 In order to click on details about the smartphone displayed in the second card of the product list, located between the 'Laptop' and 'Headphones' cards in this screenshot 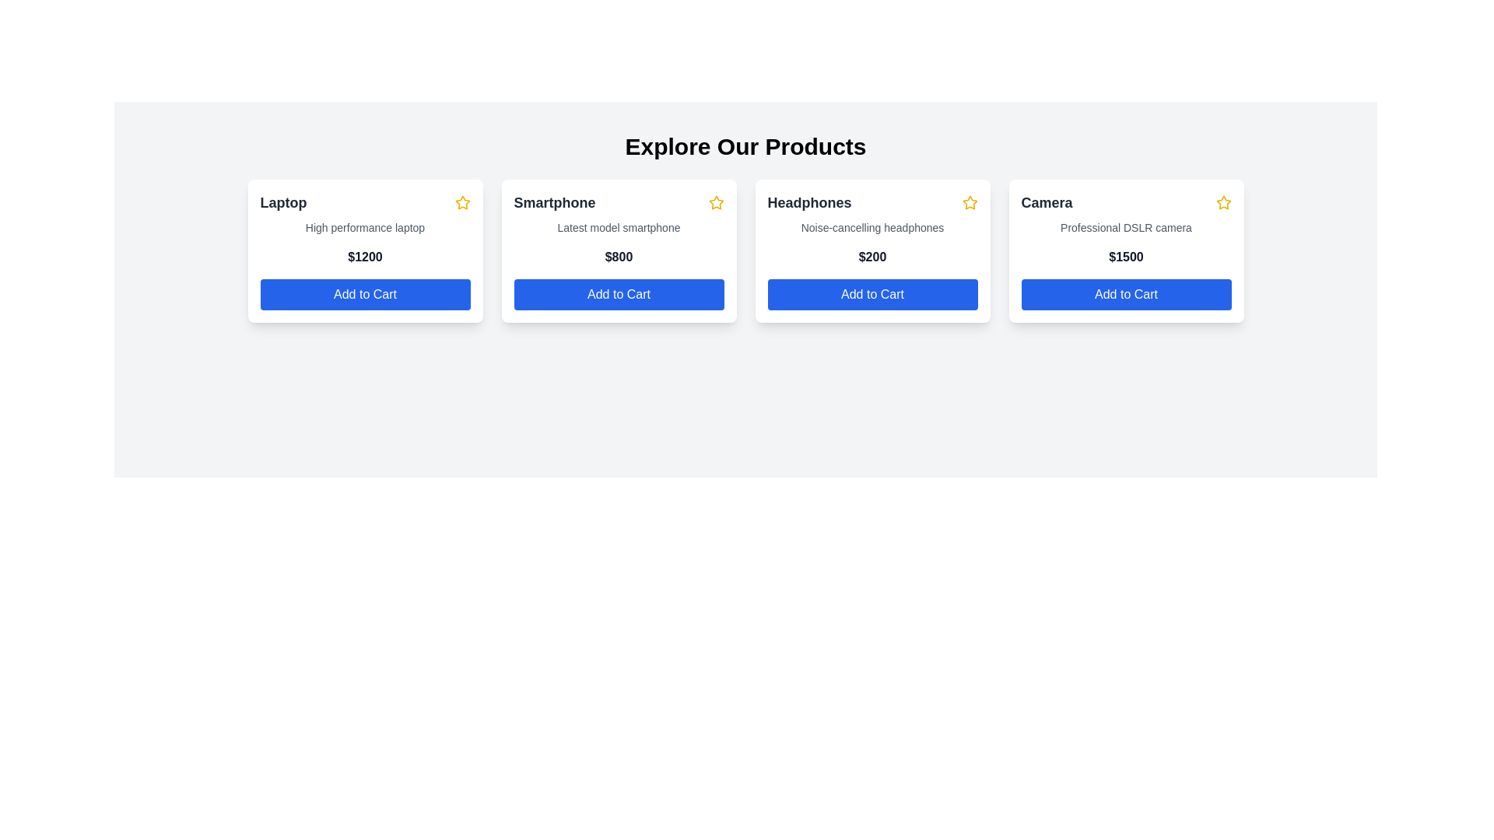, I will do `click(618, 250)`.